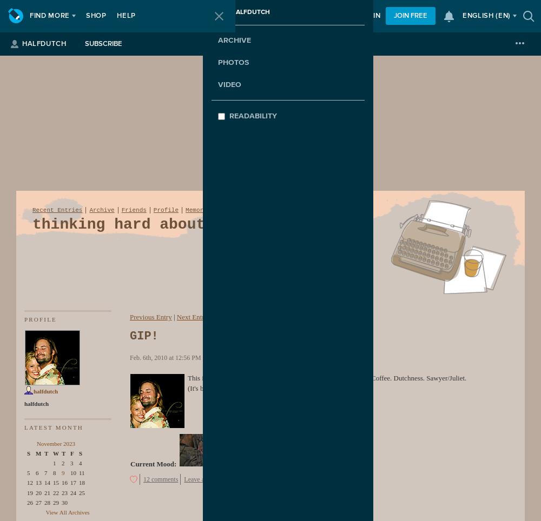  I want to click on '29', so click(55, 502).